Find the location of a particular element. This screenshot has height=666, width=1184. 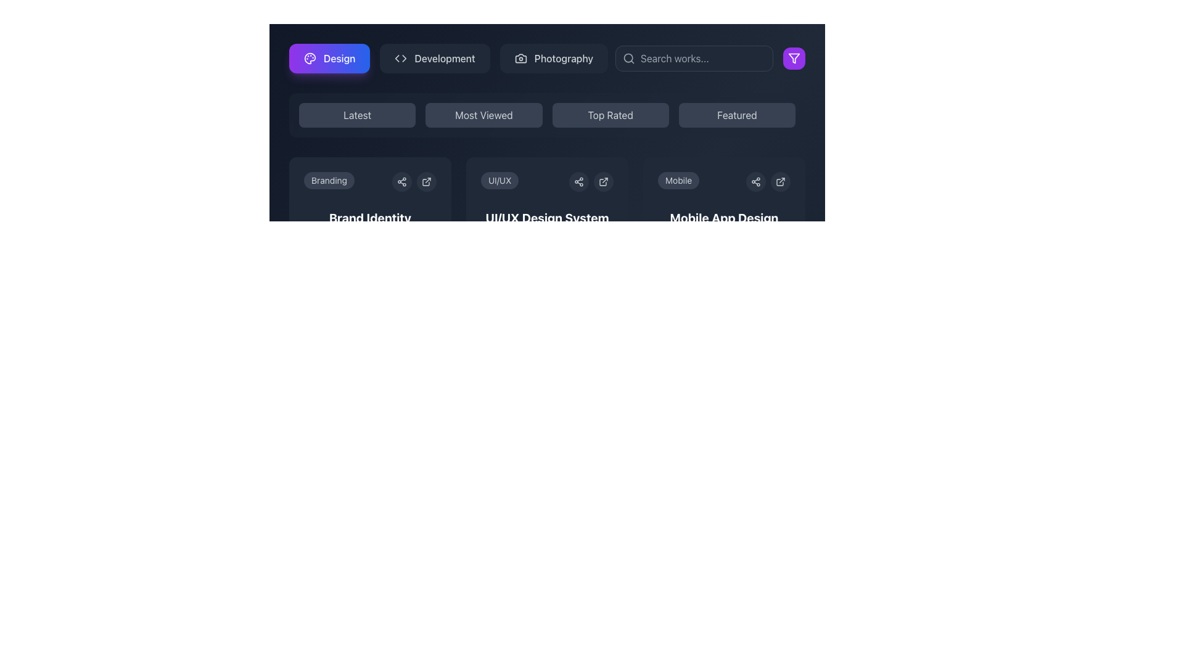

the sharing button located in the top-center section of the tile concerning 'UI/UX Design System' to initiate a sharing action is located at coordinates (578, 181).